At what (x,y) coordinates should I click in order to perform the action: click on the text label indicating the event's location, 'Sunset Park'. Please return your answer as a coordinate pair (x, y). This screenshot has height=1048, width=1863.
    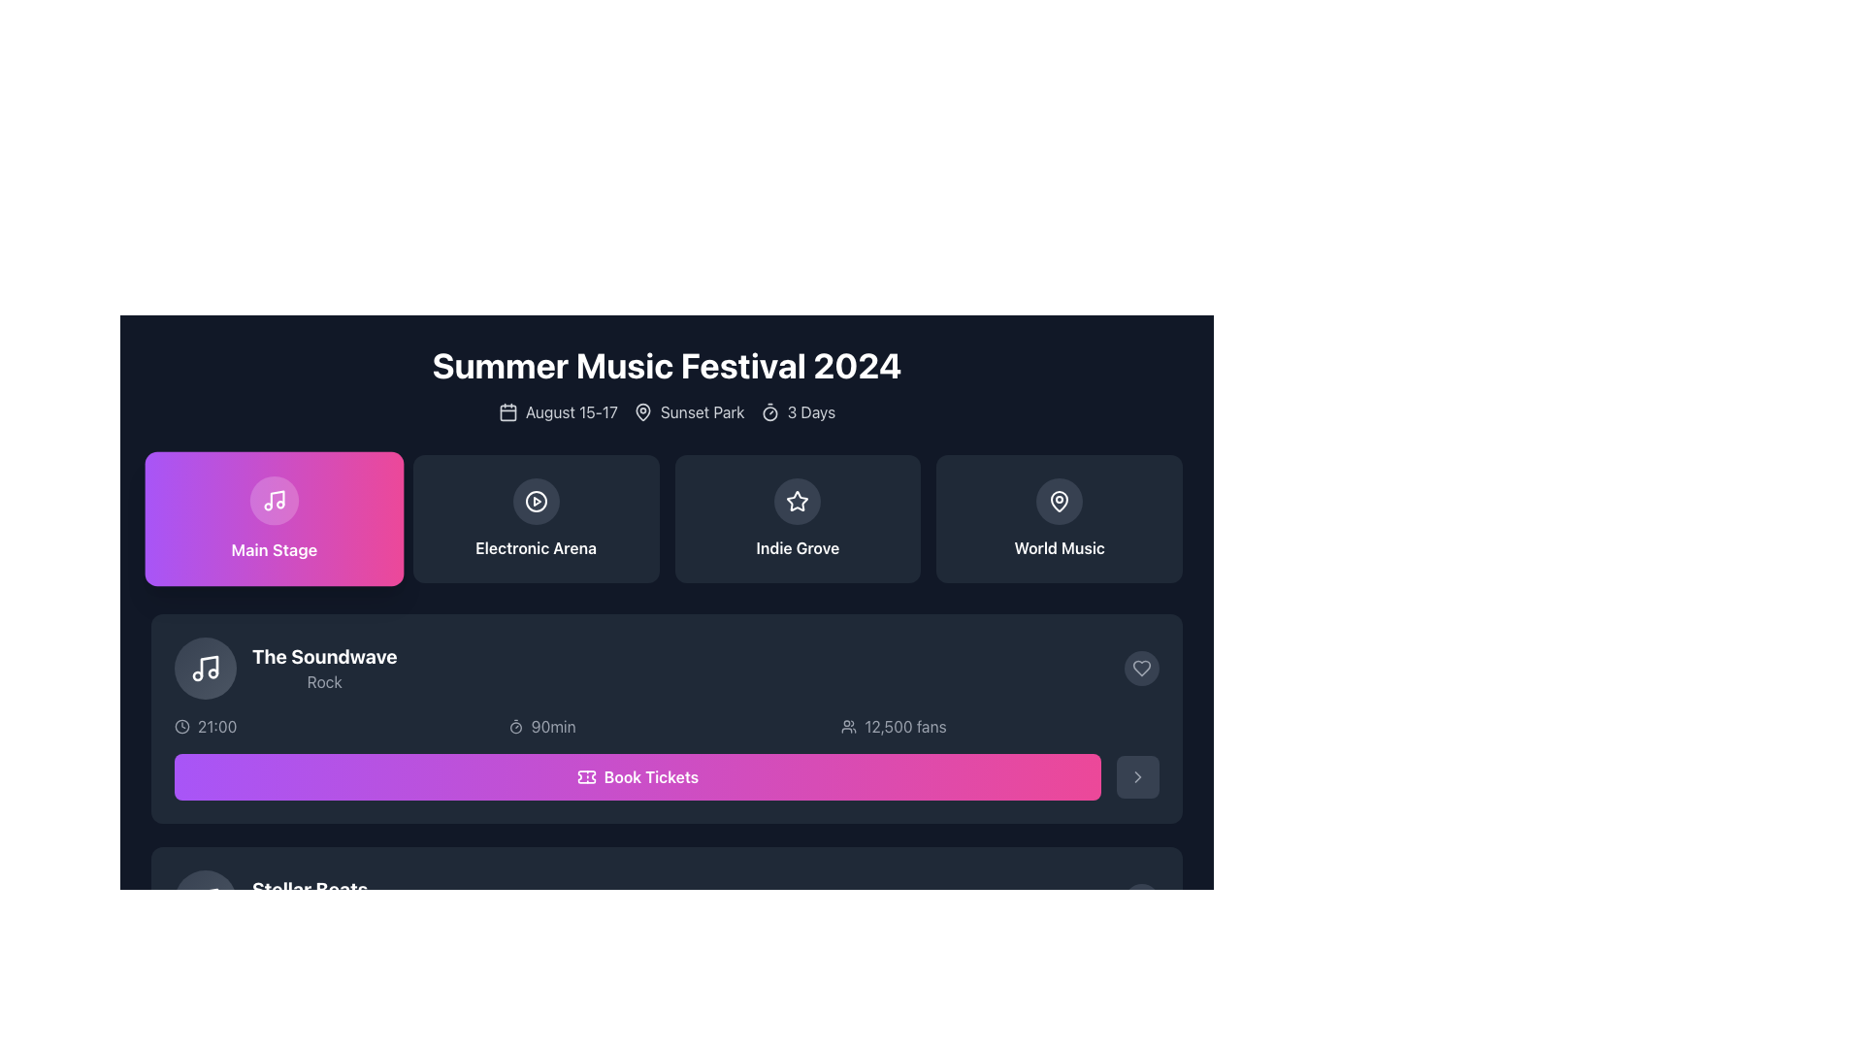
    Looking at the image, I should click on (702, 410).